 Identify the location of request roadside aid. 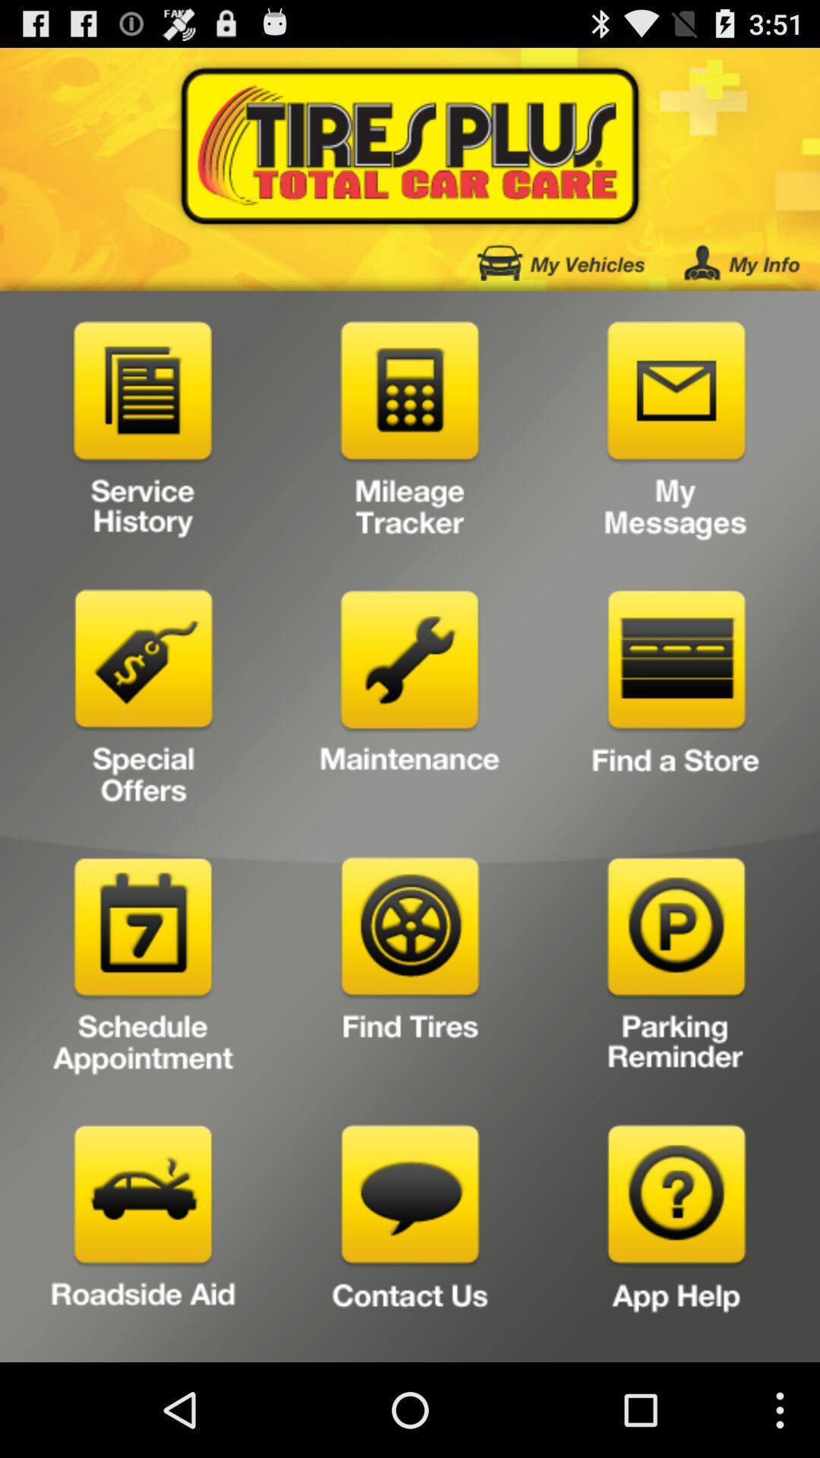
(143, 1238).